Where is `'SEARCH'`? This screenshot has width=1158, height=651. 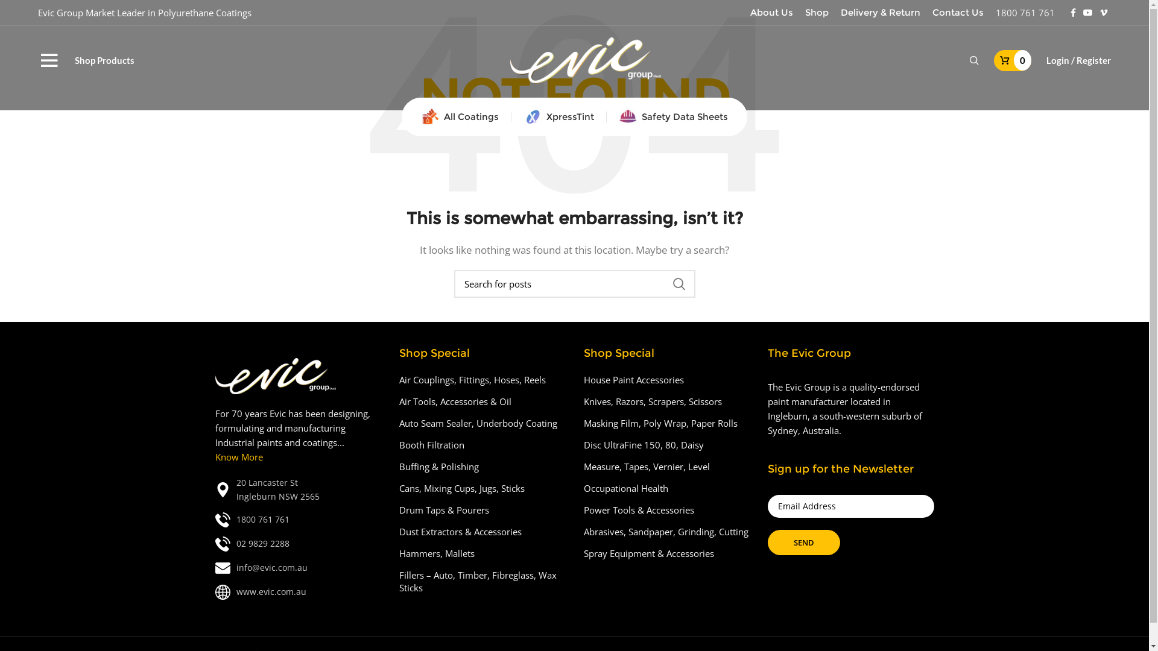 'SEARCH' is located at coordinates (678, 283).